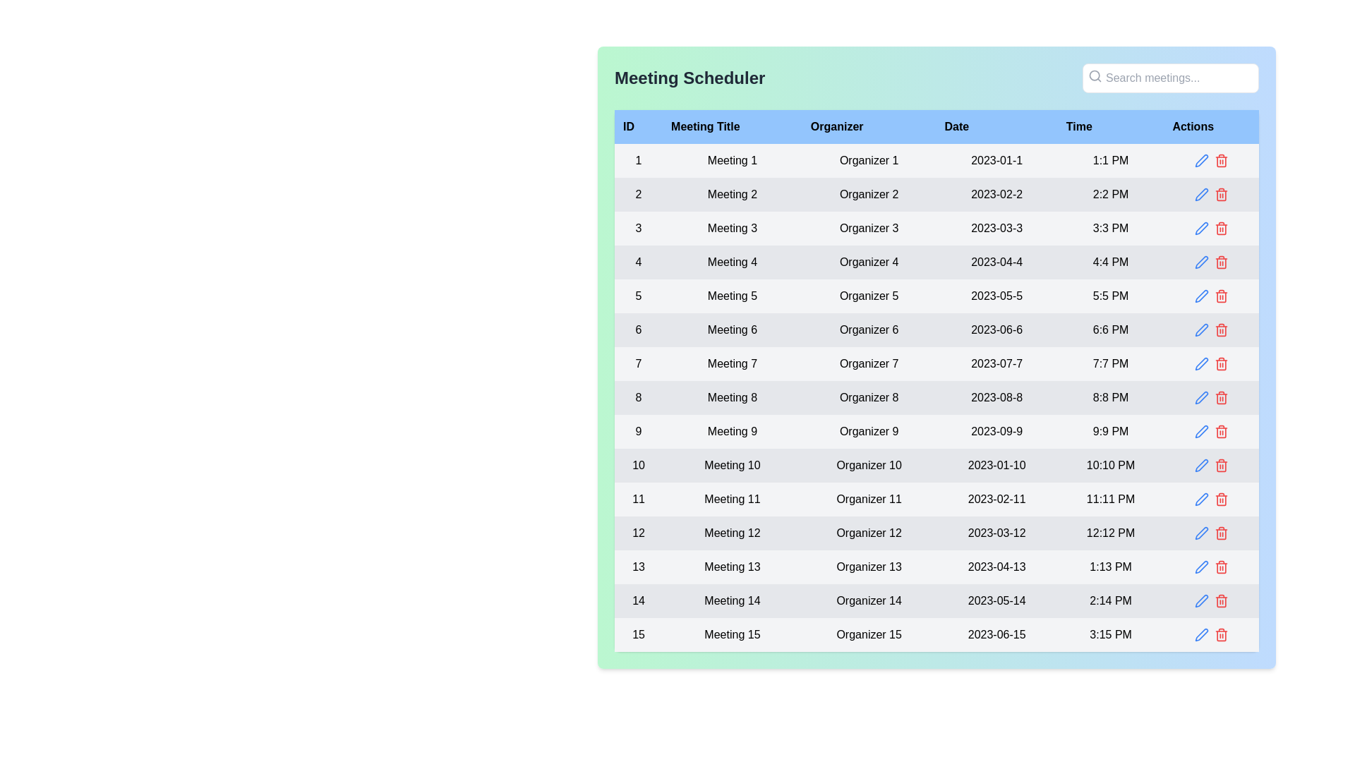 The height and width of the screenshot is (762, 1355). Describe the element at coordinates (1110, 431) in the screenshot. I see `the Text Label displaying '9:9 PM' in large, bold, black text, located in the fifth column under the 'Time' header, adjacent to '2023-09-9' and a pen icon` at that location.